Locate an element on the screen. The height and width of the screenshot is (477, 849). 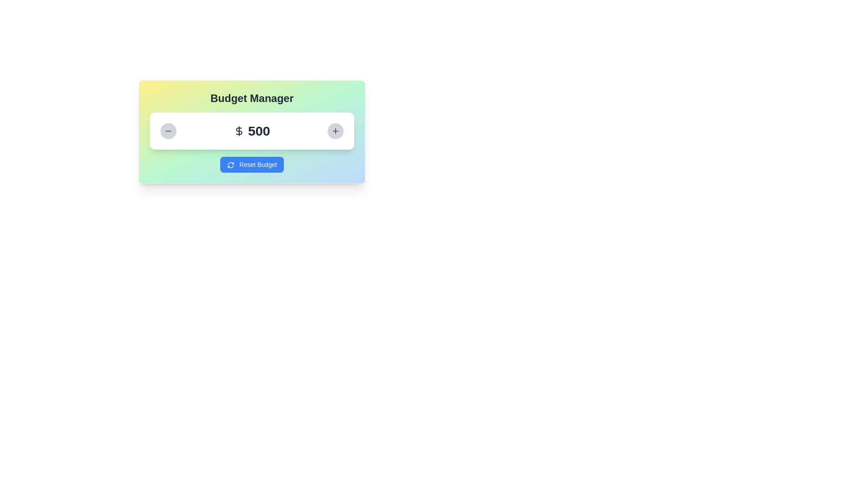
the Text Display with Icon that shows the number '500' with a dollar sign, located between the minus and plus buttons in the budget management tool interface is located at coordinates (252, 131).